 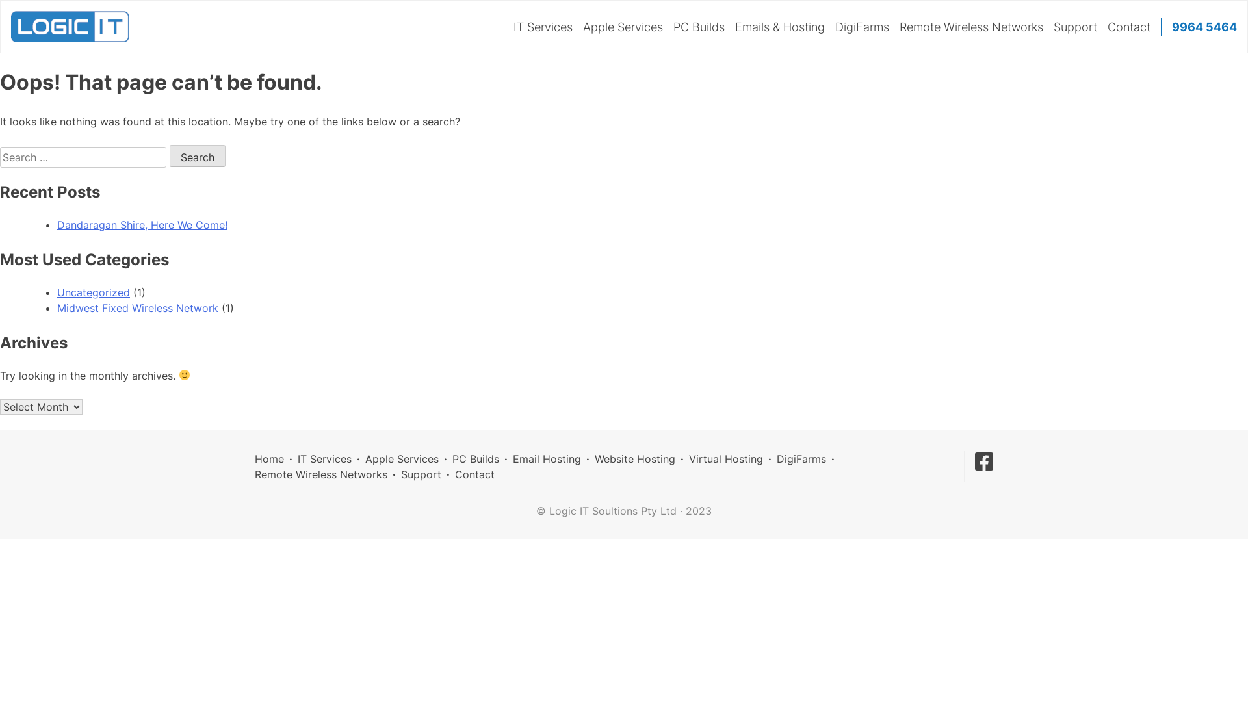 I want to click on 'DigiFarms', so click(x=801, y=458).